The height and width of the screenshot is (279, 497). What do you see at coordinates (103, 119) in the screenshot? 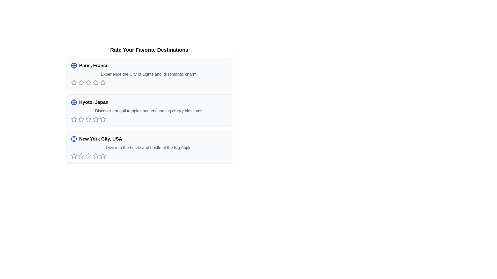
I see `the sixth star in the rating sequence for 'Kyoto, Japan'` at bounding box center [103, 119].